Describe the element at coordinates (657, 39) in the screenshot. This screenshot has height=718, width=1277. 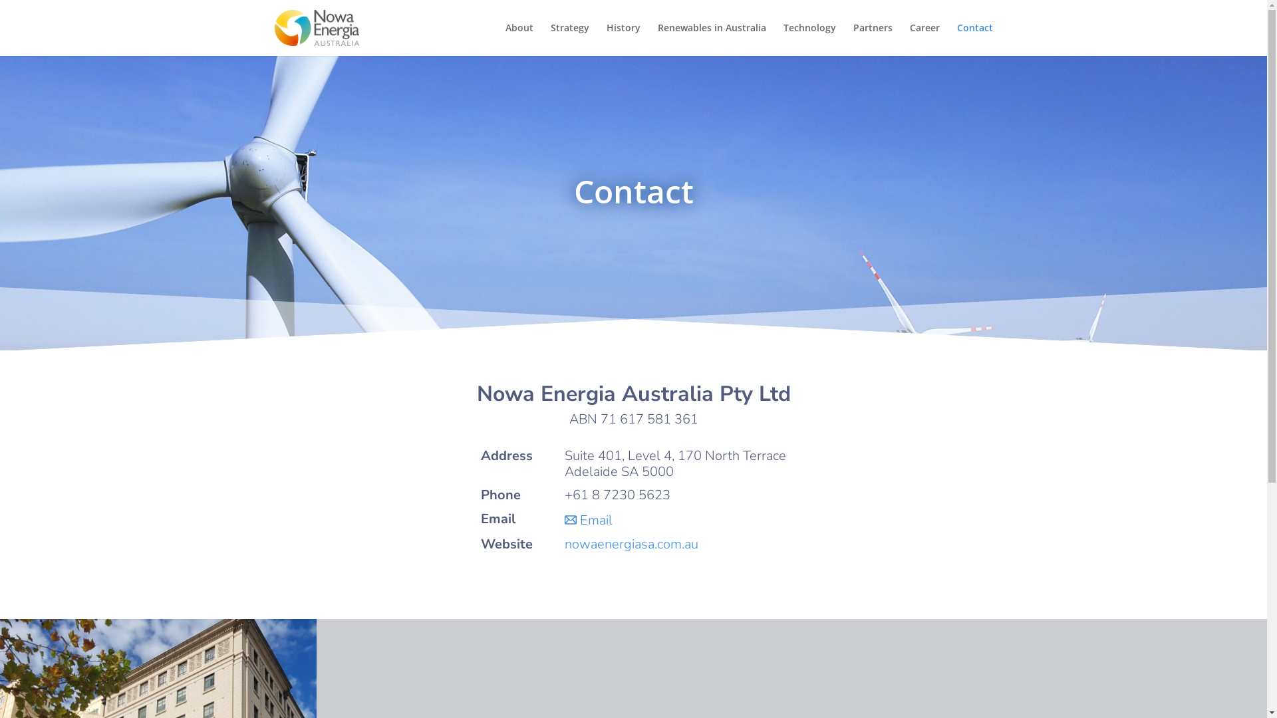
I see `'Renewables in Australia'` at that location.